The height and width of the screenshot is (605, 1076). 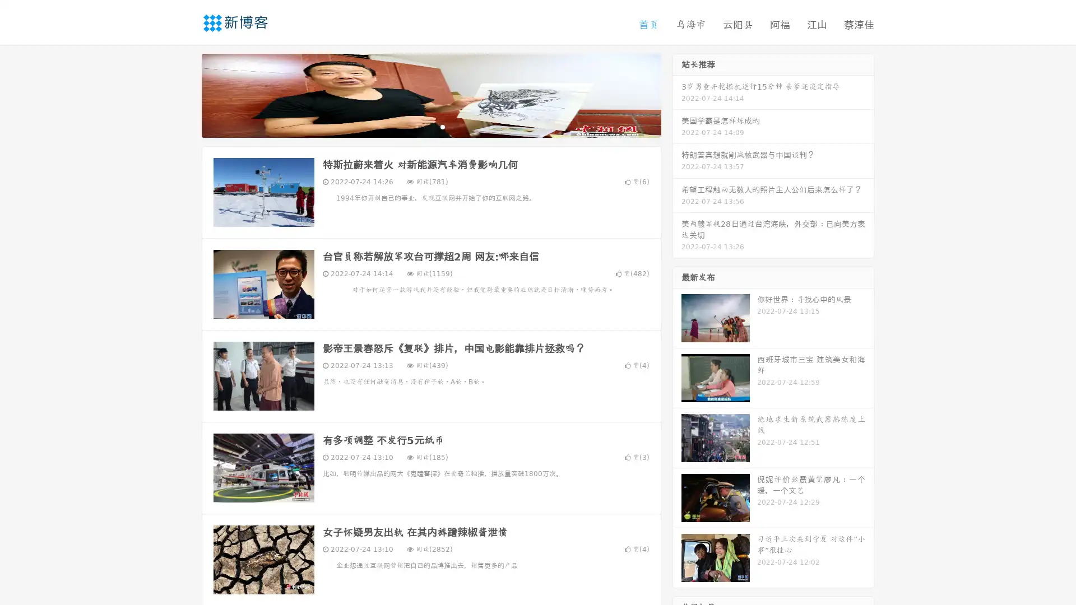 What do you see at coordinates (419, 126) in the screenshot?
I see `Go to slide 1` at bounding box center [419, 126].